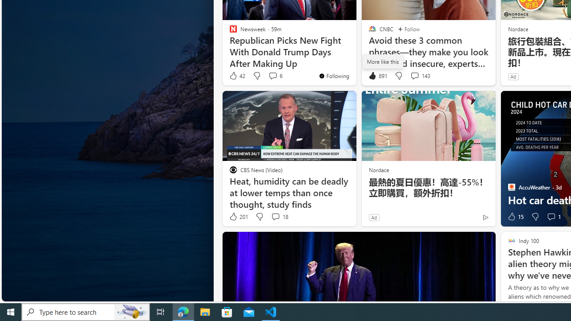 Image resolution: width=571 pixels, height=321 pixels. I want to click on 'You', so click(333, 75).